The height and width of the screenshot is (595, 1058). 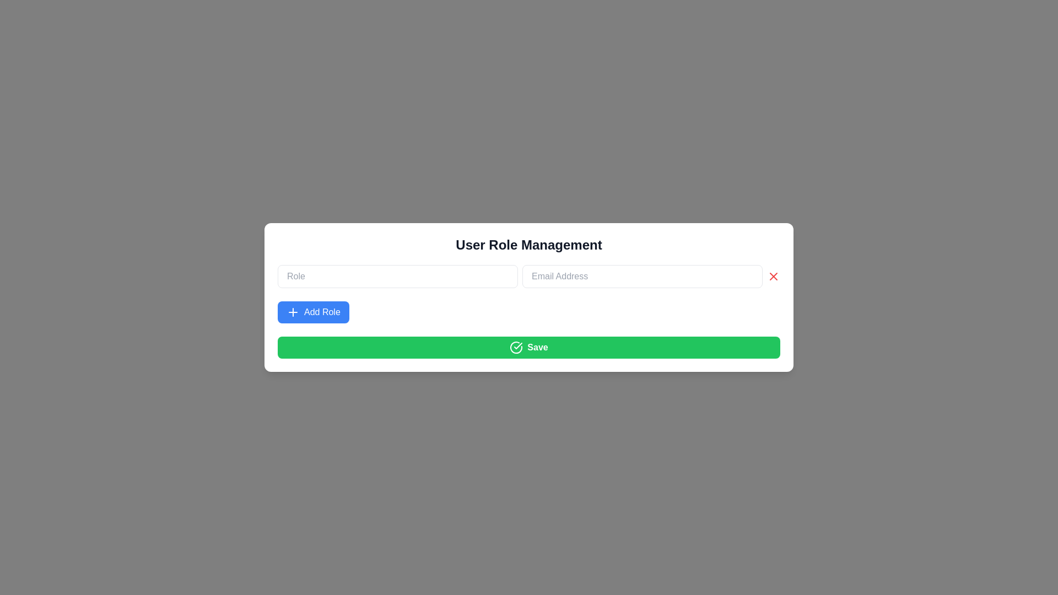 I want to click on the cross icon located at the far right end of the 'Email Address' input field to clear the input, so click(x=773, y=275).